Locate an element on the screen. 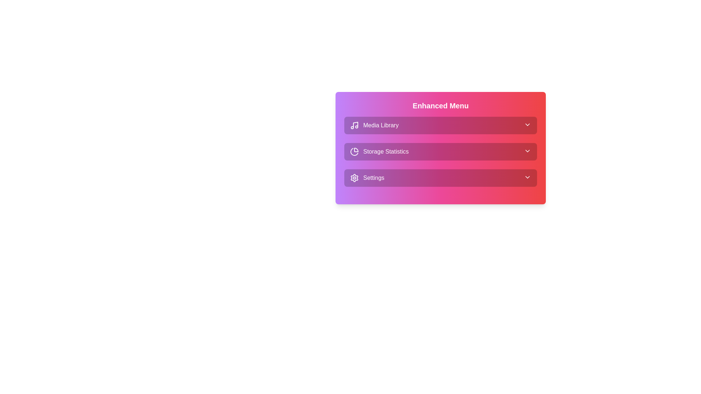 The height and width of the screenshot is (394, 701). the vertical stroke of the musical note icon in the 'Media Library' row of the Enhanced Menu is located at coordinates (356, 124).